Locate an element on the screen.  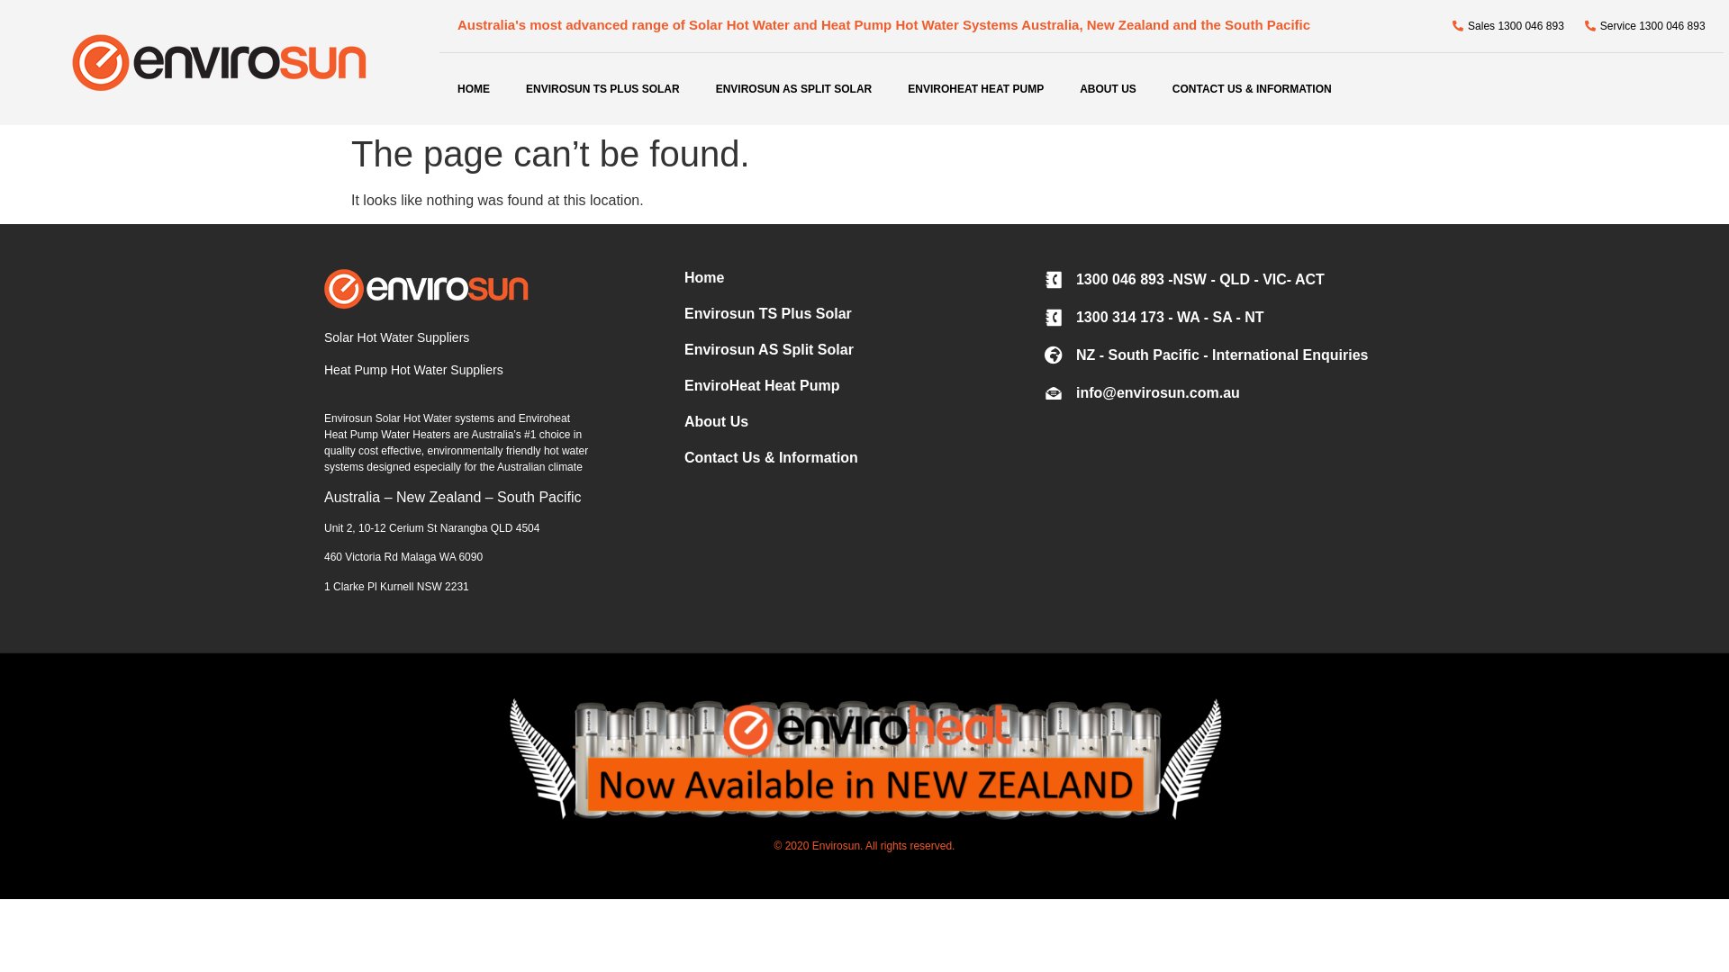
'CONTACT US & INFORMATION' is located at coordinates (1251, 89).